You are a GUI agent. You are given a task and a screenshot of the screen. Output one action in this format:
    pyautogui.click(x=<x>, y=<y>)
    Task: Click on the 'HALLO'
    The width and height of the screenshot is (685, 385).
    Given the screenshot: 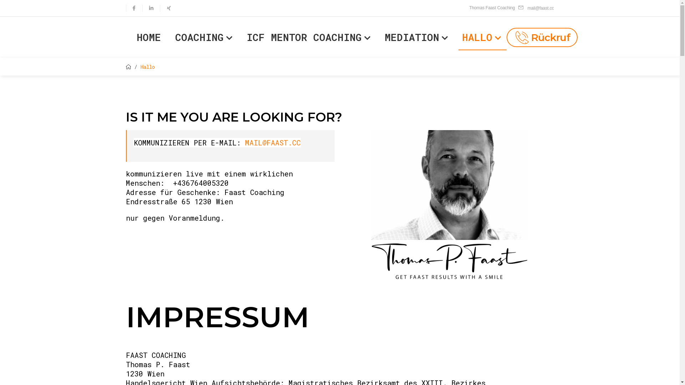 What is the action you would take?
    pyautogui.click(x=482, y=37)
    